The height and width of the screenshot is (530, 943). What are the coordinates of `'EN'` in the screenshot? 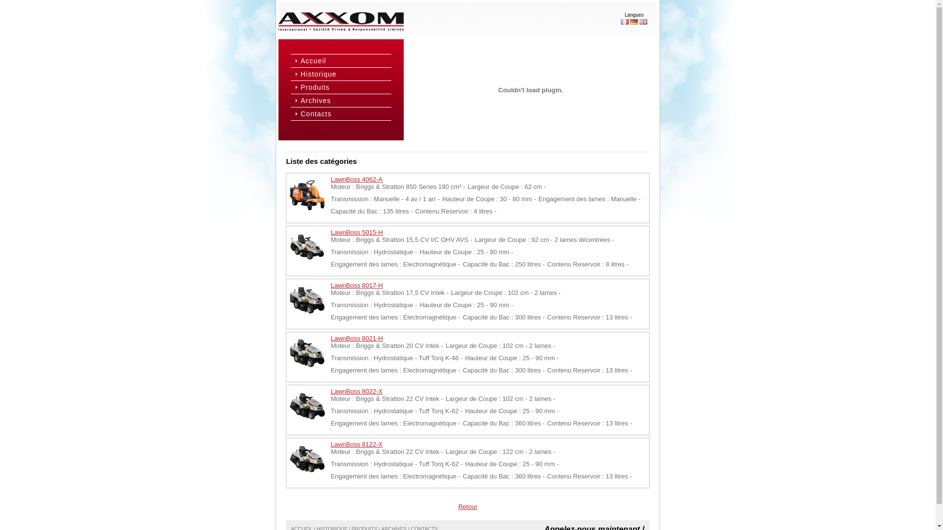 It's located at (643, 22).